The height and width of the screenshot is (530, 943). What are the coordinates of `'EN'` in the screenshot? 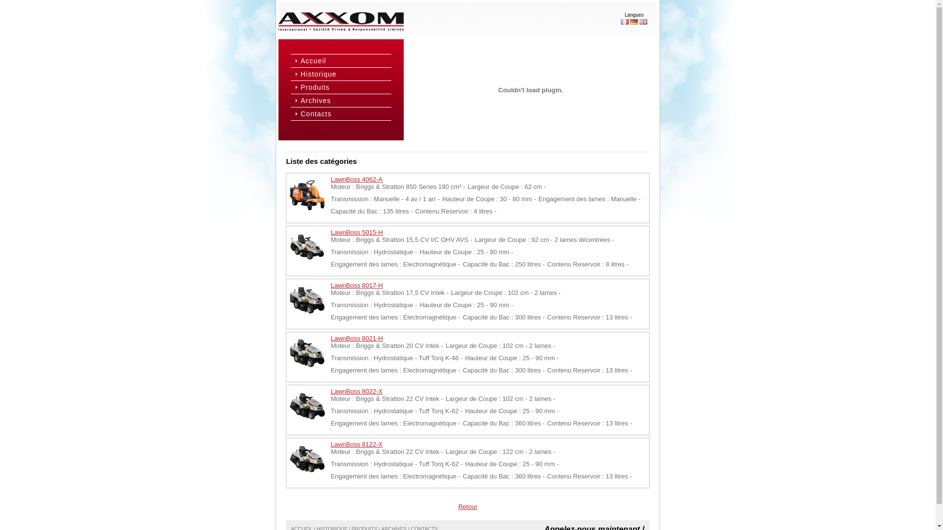 It's located at (643, 22).